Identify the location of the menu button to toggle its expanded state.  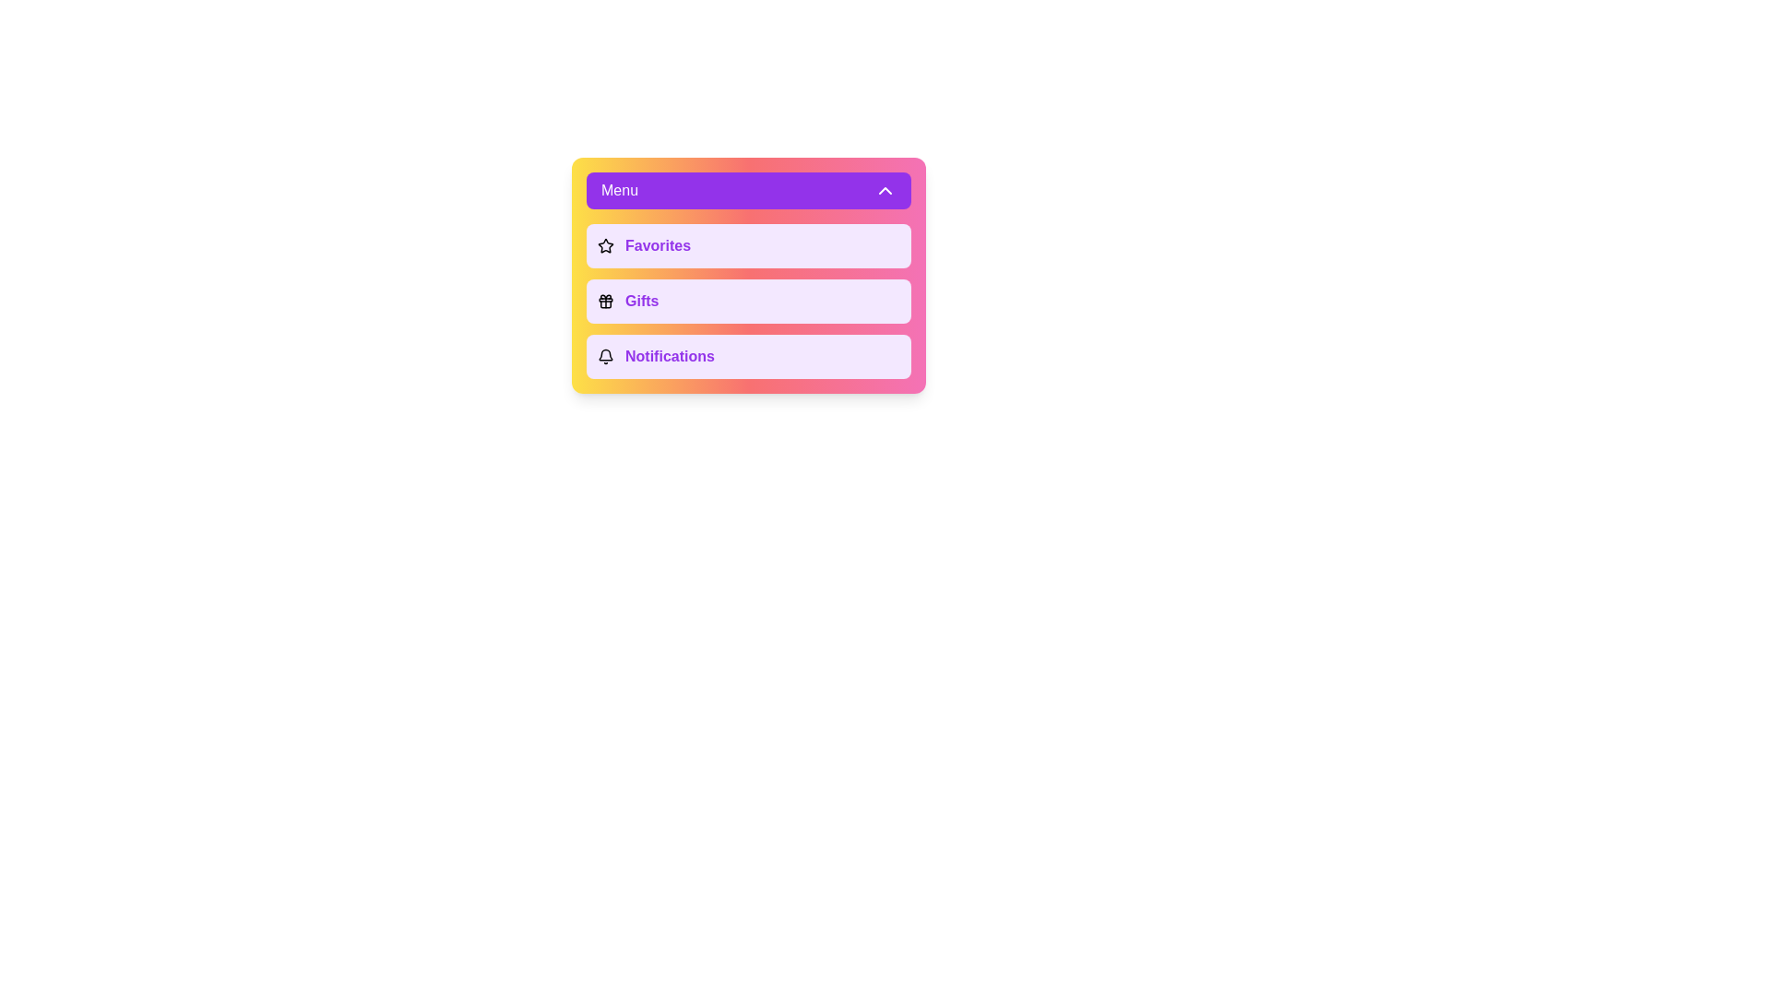
(748, 191).